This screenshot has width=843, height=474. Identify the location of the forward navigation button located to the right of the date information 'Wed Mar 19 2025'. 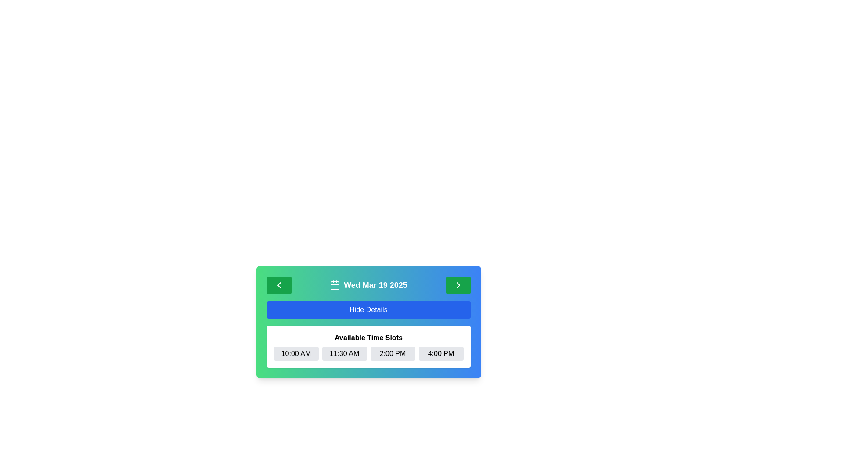
(458, 285).